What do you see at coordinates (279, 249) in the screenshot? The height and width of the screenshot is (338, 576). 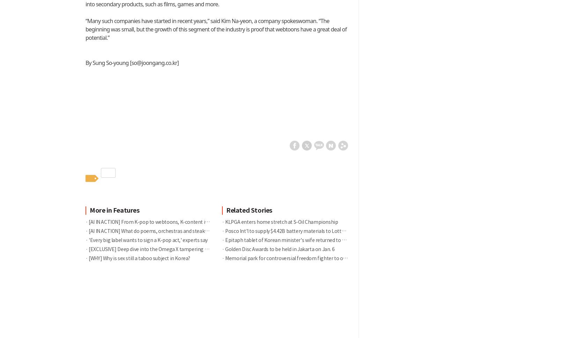 I see `'Golden Disc Awards to be held in Jakarta on Jan. 6'` at bounding box center [279, 249].